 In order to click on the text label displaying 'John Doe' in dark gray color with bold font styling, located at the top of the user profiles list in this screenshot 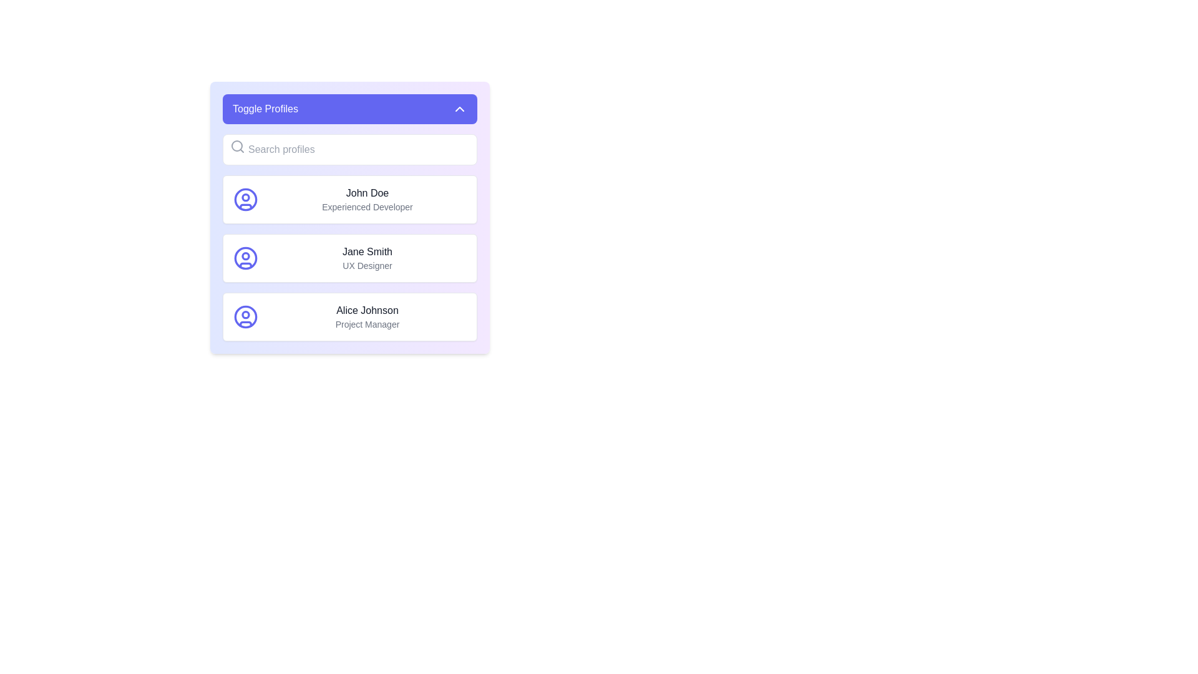, I will do `click(367, 193)`.